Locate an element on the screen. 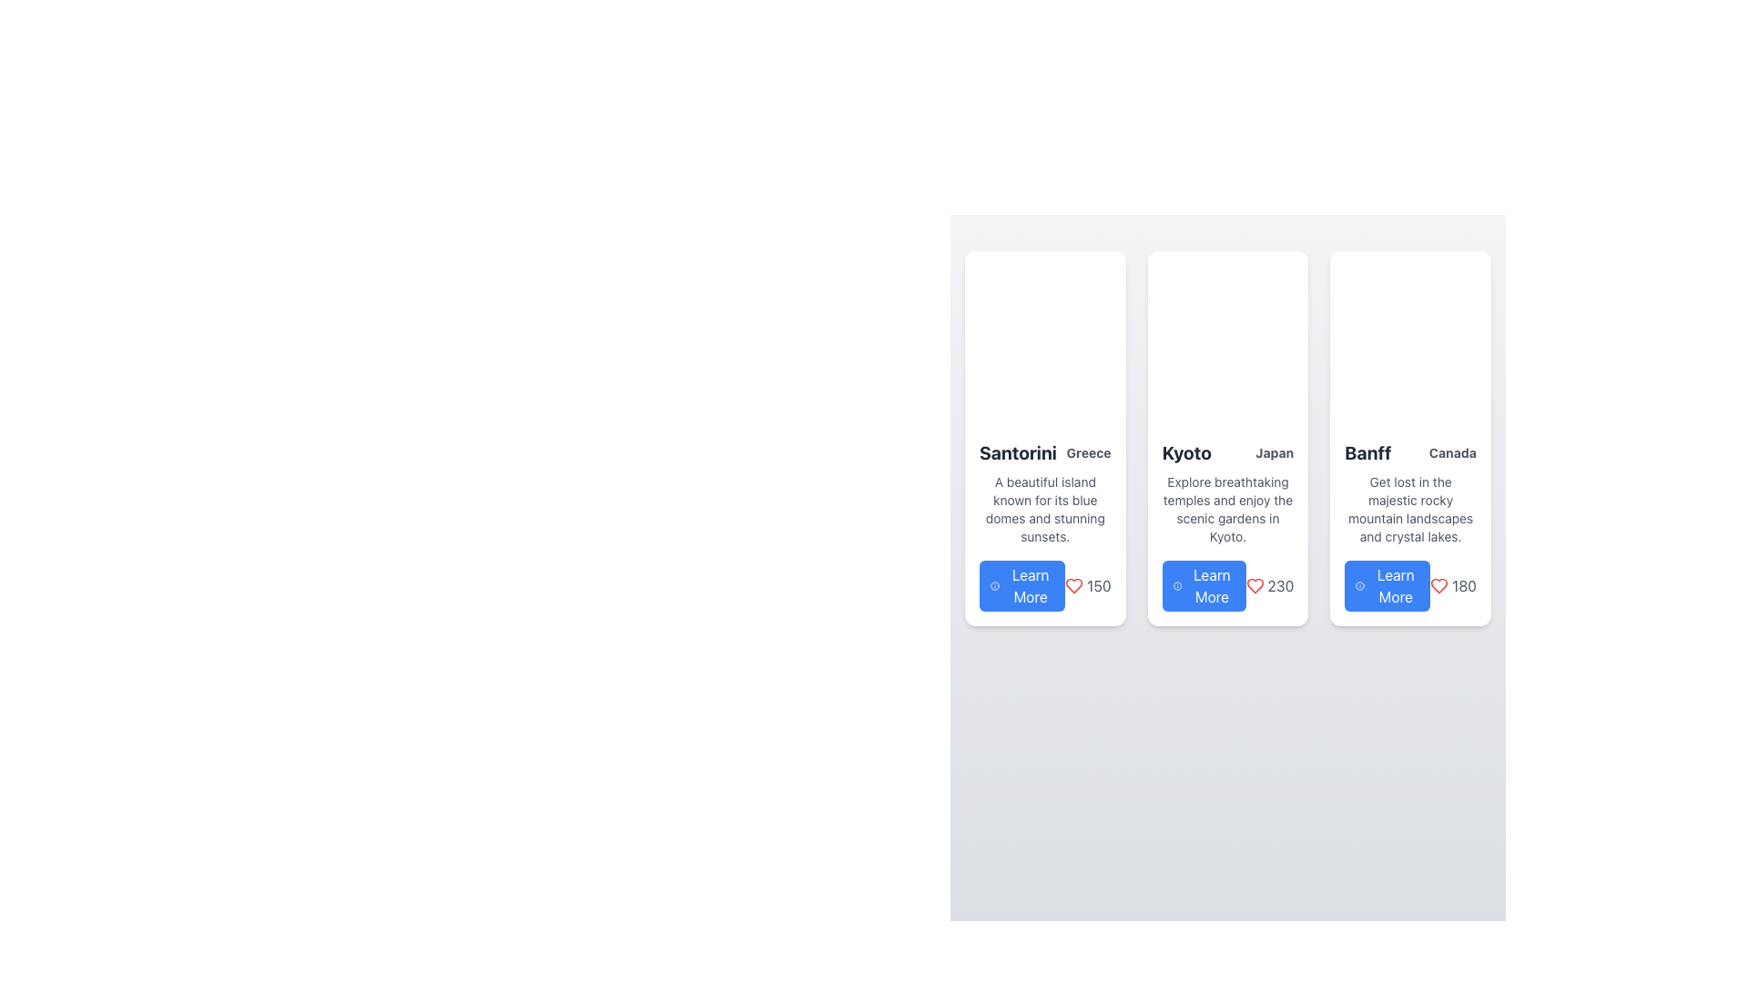 Image resolution: width=1748 pixels, height=983 pixels. the 'Learn More' button within the Card that provides information about Kyoto, Japan, to trigger hover effects is located at coordinates (1227, 526).